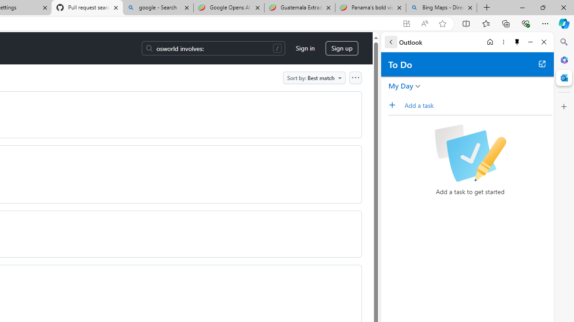 Image resolution: width=574 pixels, height=322 pixels. I want to click on 'google - Search', so click(158, 8).